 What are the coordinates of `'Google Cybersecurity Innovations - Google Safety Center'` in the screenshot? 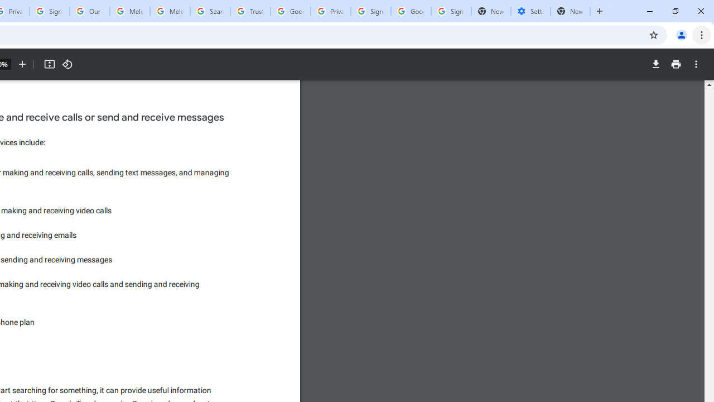 It's located at (411, 11).